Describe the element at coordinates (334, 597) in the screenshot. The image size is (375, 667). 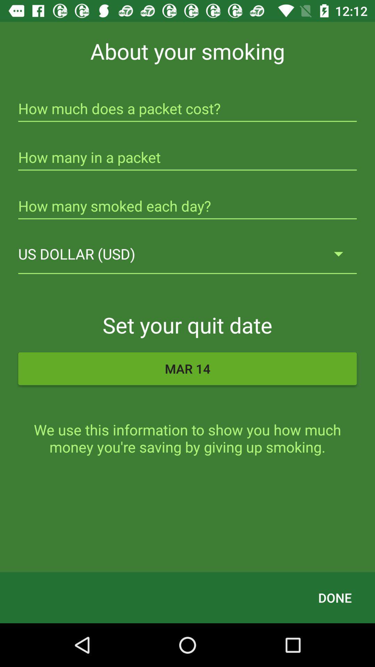
I see `done` at that location.